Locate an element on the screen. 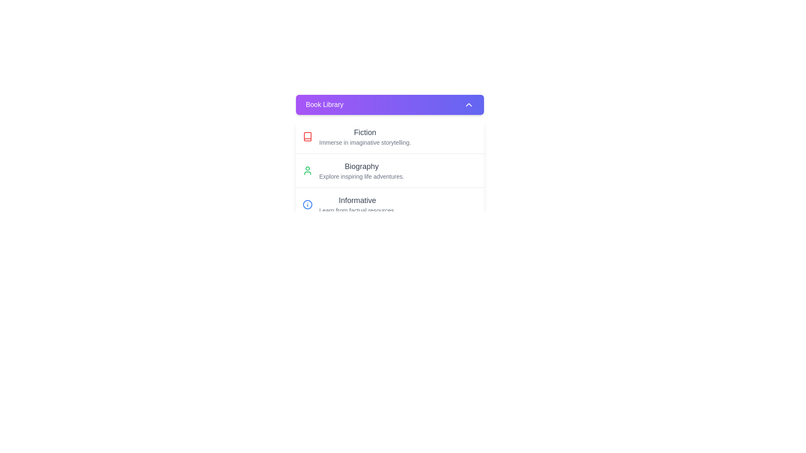  the informative icon located to the left of the 'Informative' text in the 'Informative' section is located at coordinates (307, 205).